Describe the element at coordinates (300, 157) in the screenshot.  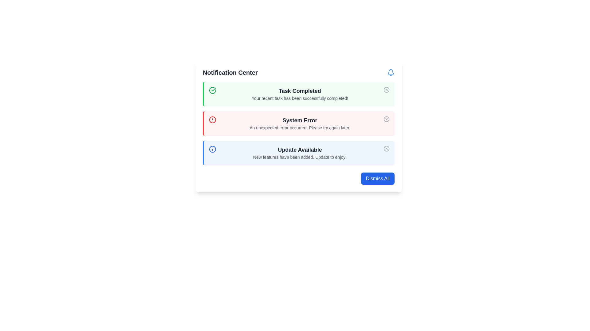
I see `the text label reading 'New features have been added. Update to enjoy!' located below the header 'Update Available' in the blue-bordered notification box` at that location.